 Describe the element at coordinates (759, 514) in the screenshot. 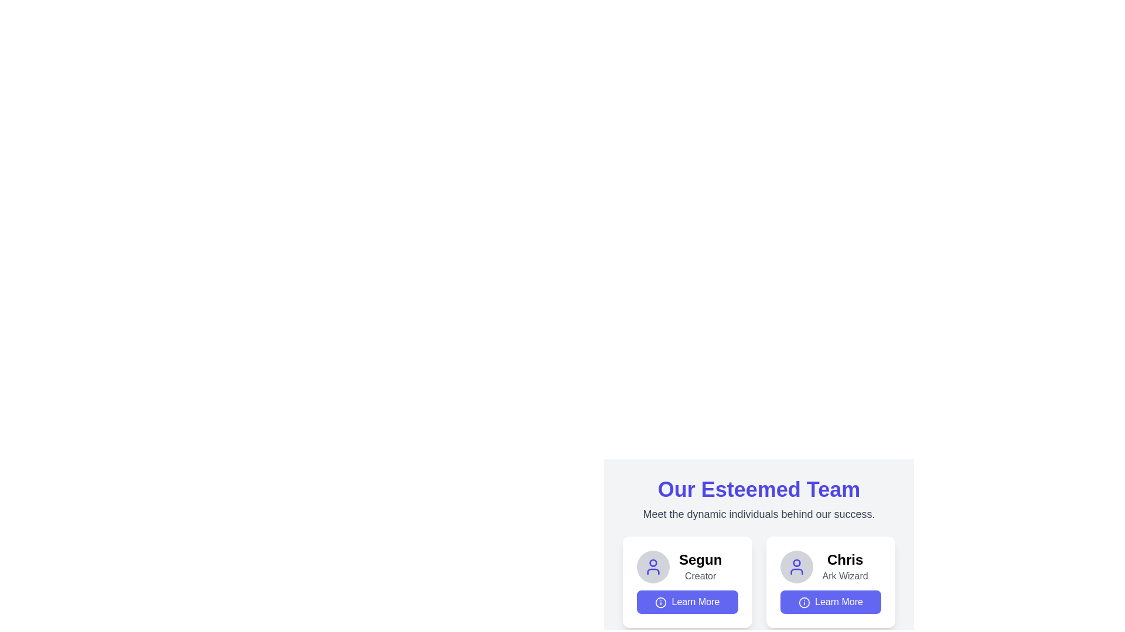

I see `the descriptive subtitle text that provides additional context to the main title 'Our Esteemed Team'` at that location.